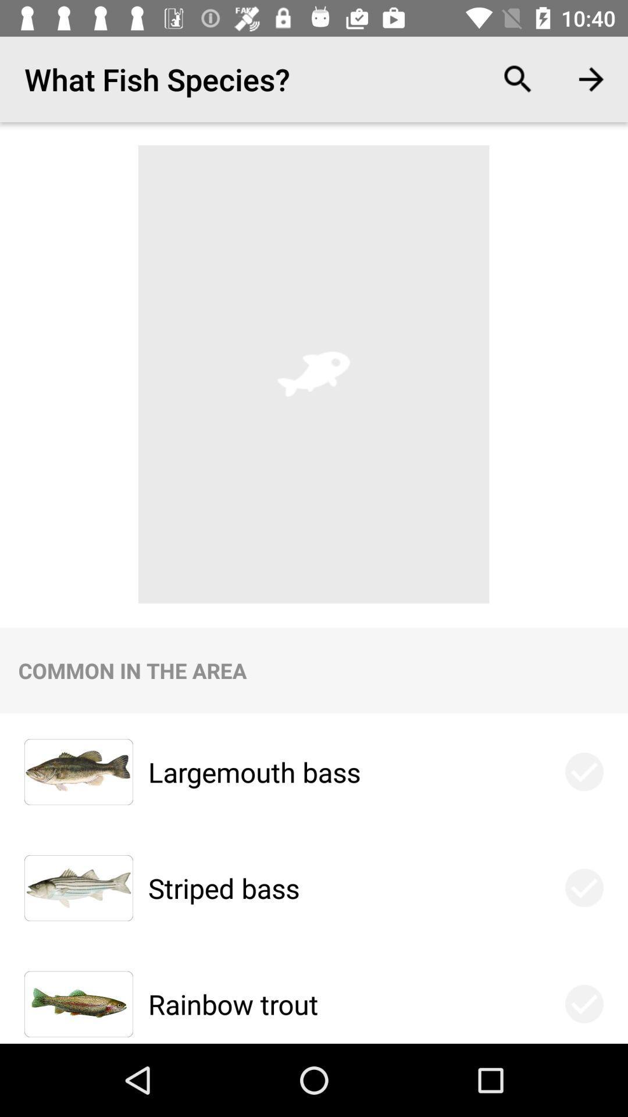  What do you see at coordinates (518, 79) in the screenshot?
I see `icon next to the what fish species? icon` at bounding box center [518, 79].